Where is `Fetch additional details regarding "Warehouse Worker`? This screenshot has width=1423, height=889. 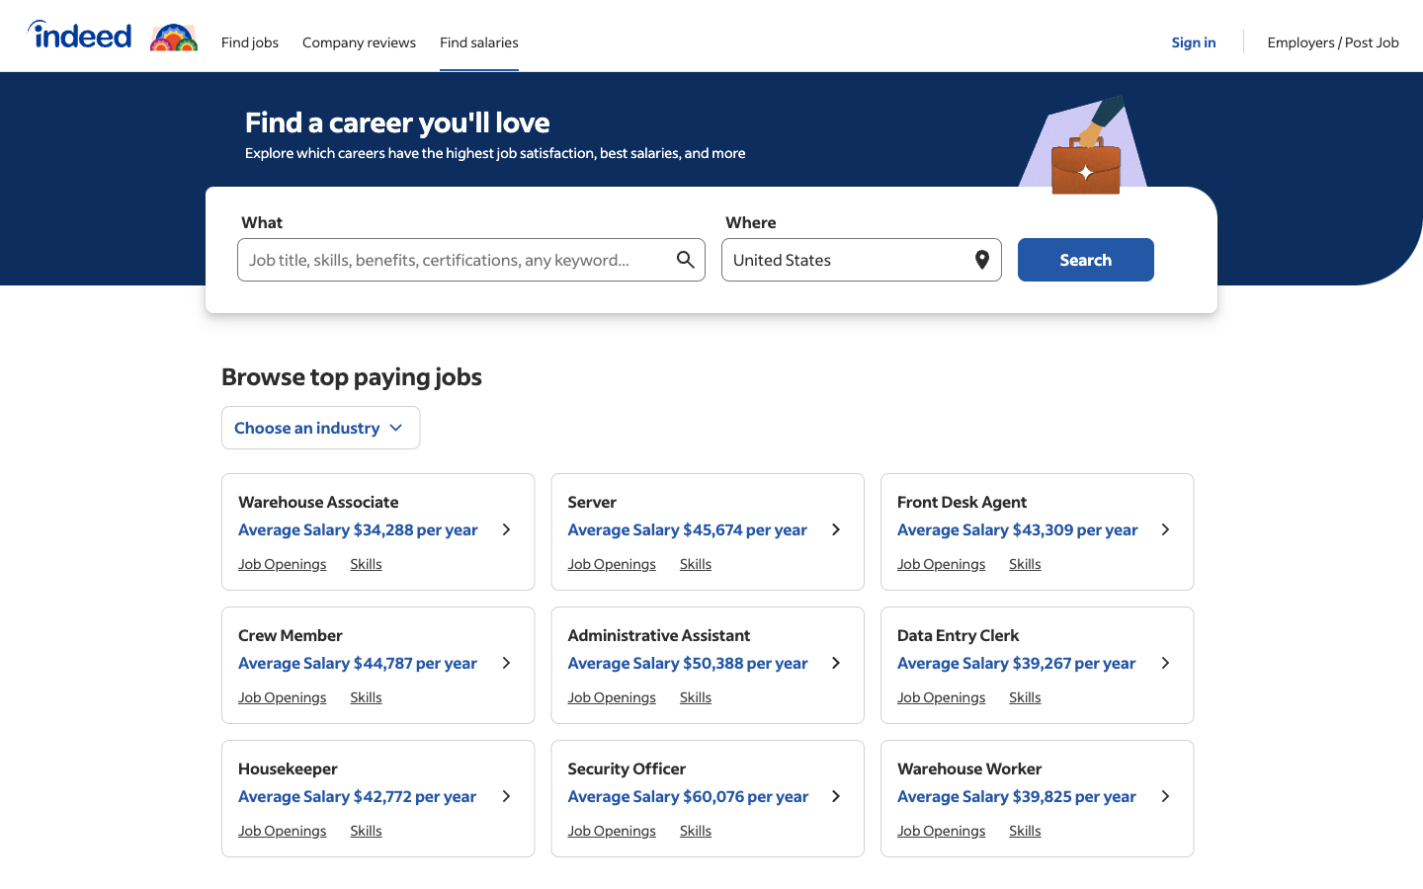
Fetch additional details regarding "Warehouse Worker is located at coordinates (1017, 782).